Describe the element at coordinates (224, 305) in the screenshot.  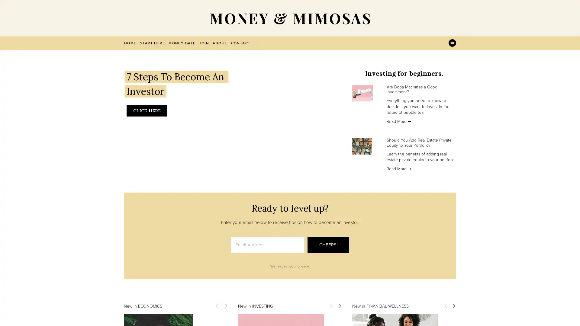
I see `Next` at that location.